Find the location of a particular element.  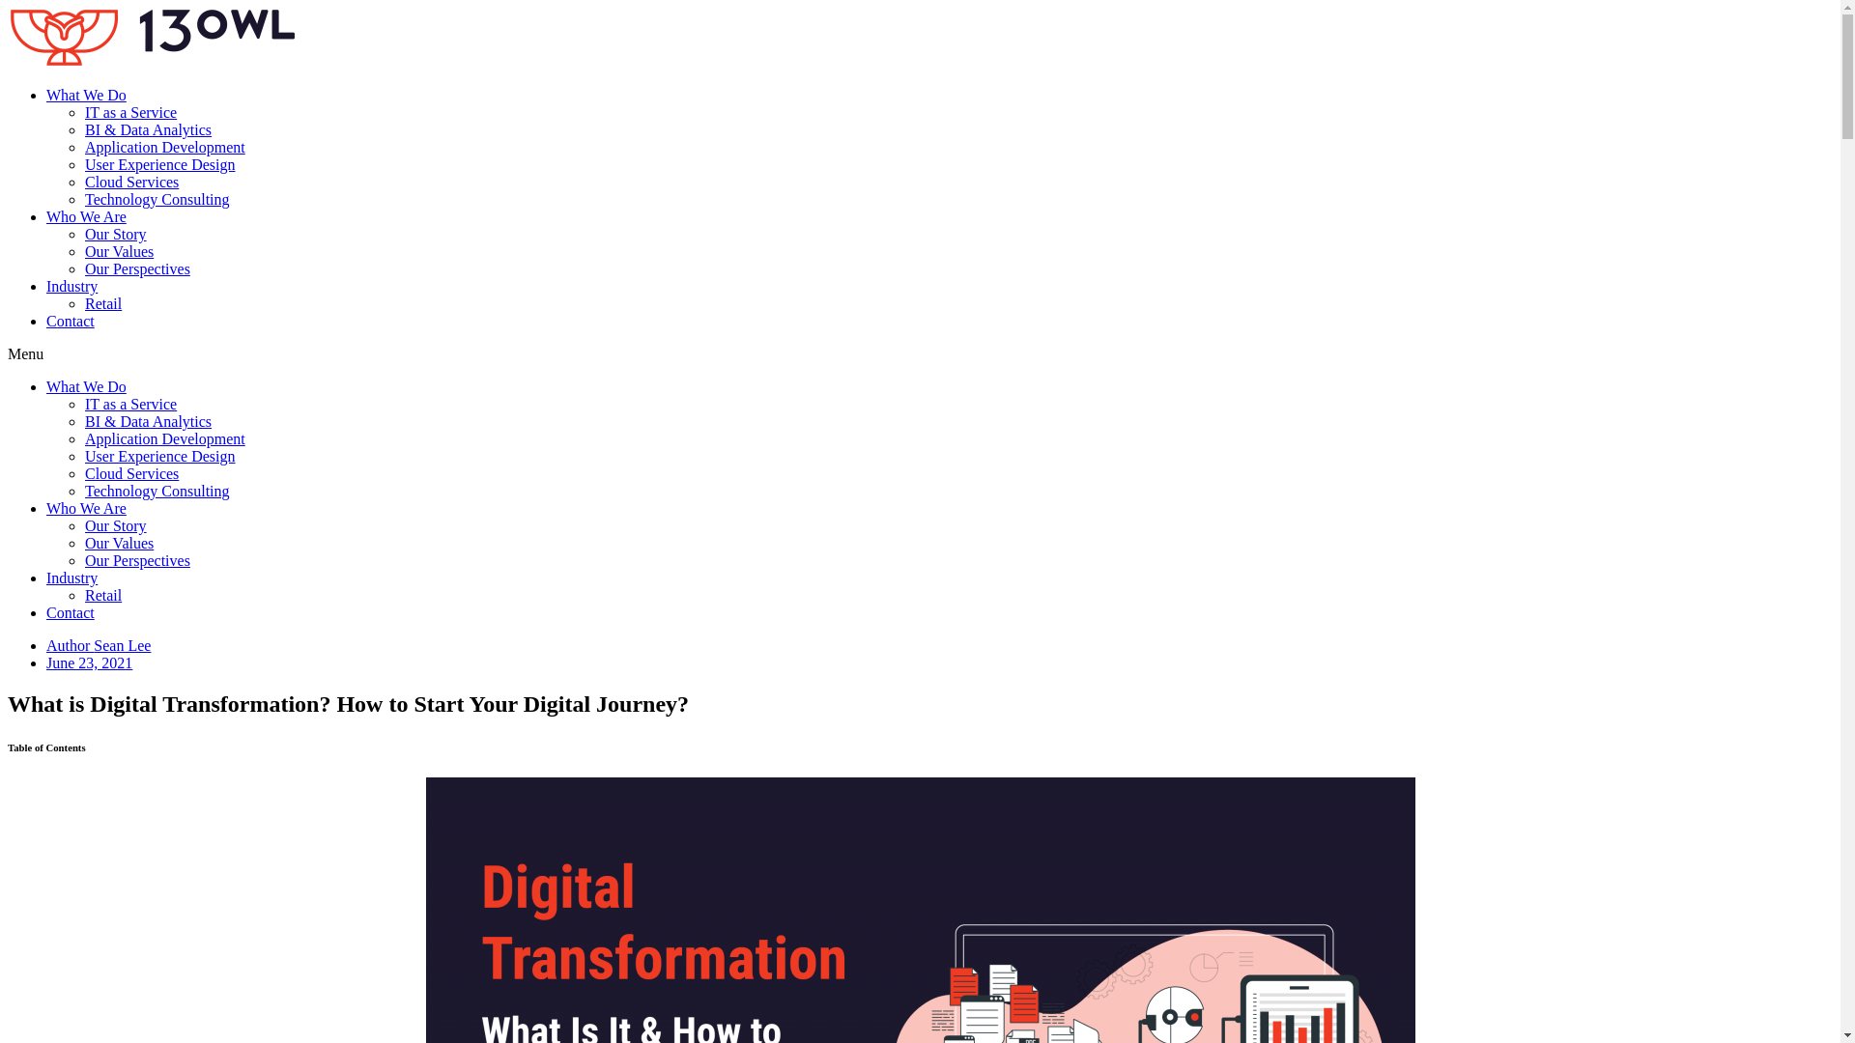

'BI & Data Analytics' is located at coordinates (83, 420).